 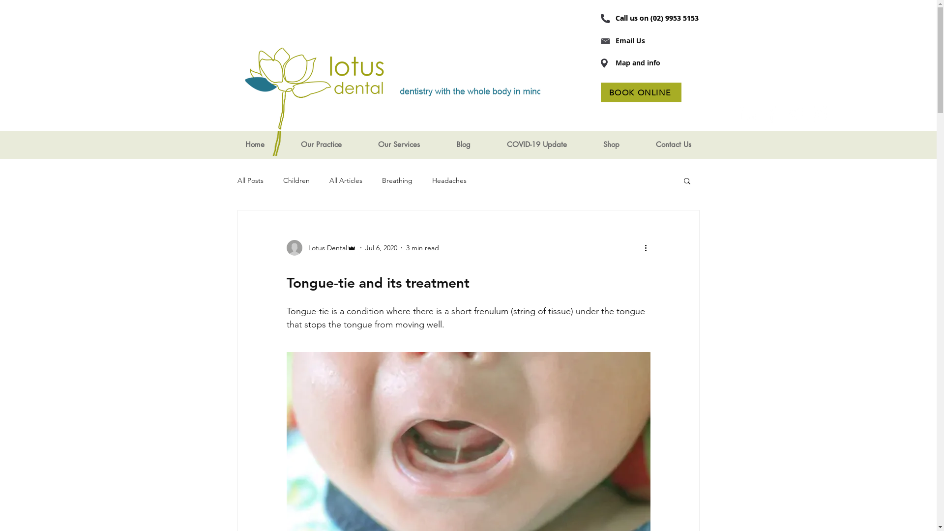 What do you see at coordinates (630, 40) in the screenshot?
I see `'Email Us'` at bounding box center [630, 40].